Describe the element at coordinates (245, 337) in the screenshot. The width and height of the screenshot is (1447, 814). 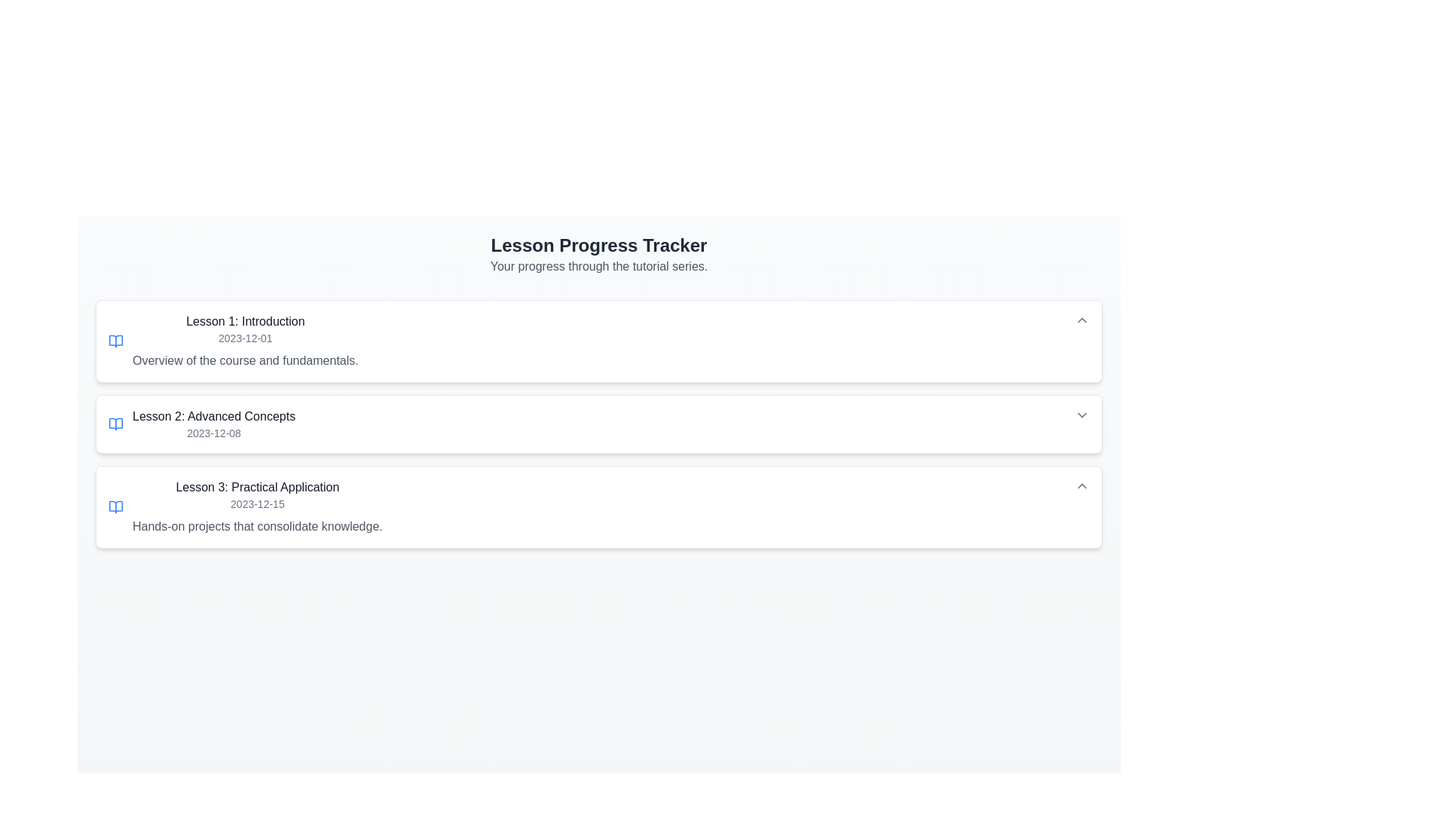
I see `the Text label that represents the date, positioned below 'Lesson 1: Introduction' and above 'Overview of the course and fundamentals.'` at that location.